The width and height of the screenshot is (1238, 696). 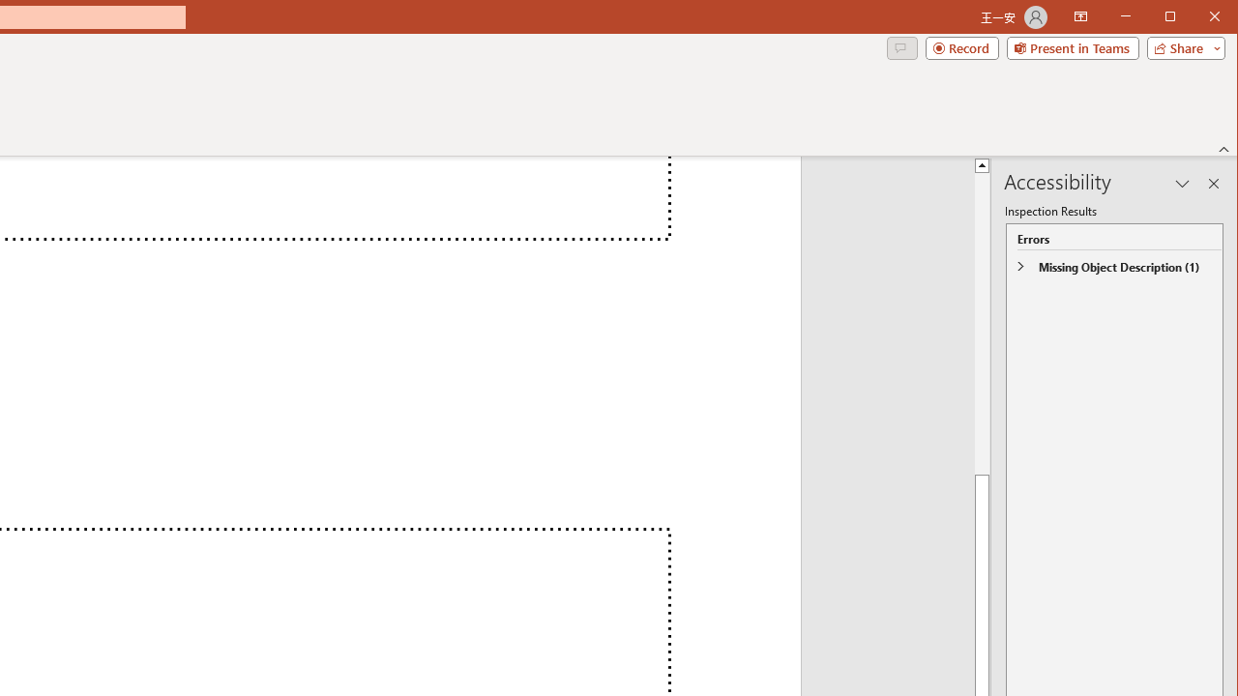 I want to click on 'Maximize', so click(x=1197, y=18).